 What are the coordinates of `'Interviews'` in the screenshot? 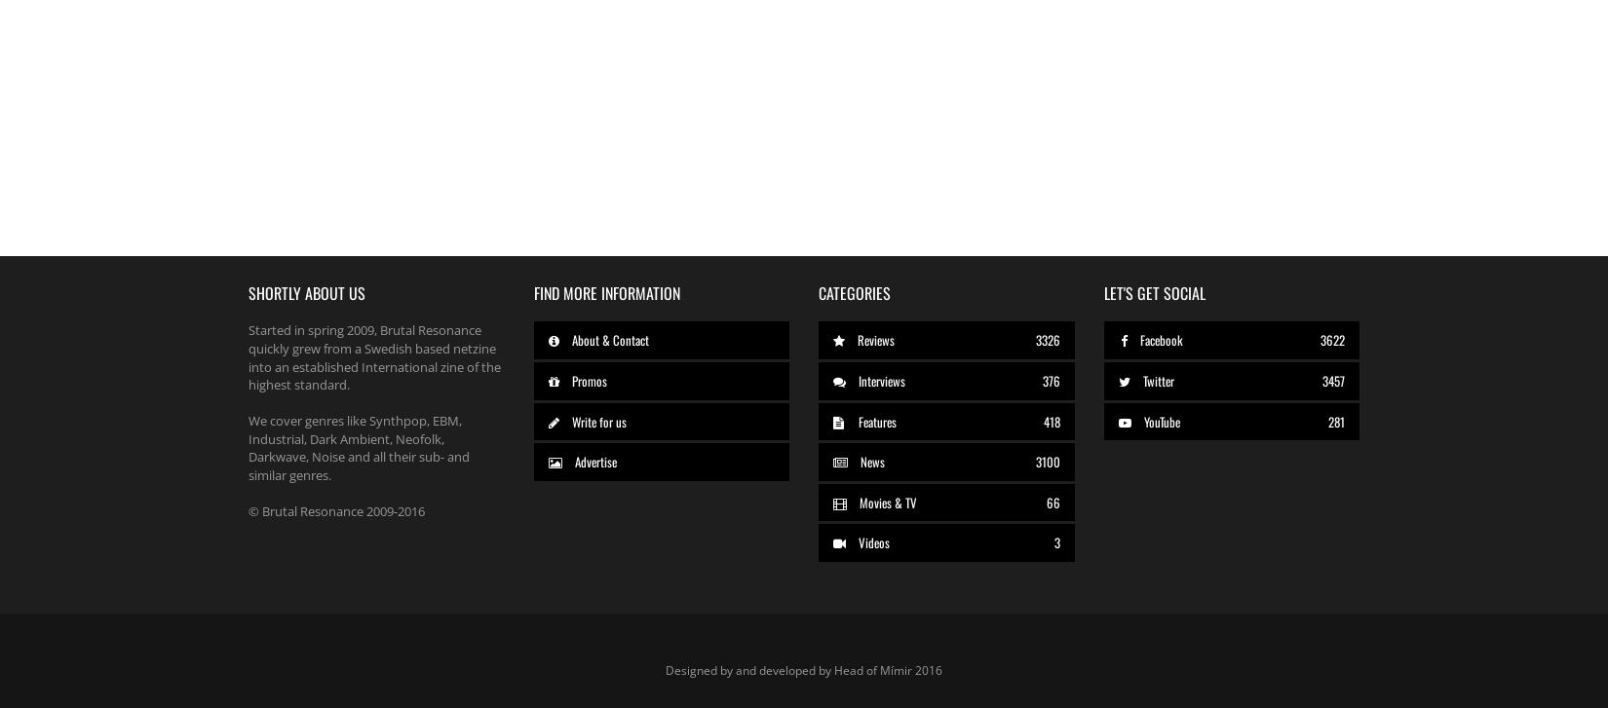 It's located at (880, 379).